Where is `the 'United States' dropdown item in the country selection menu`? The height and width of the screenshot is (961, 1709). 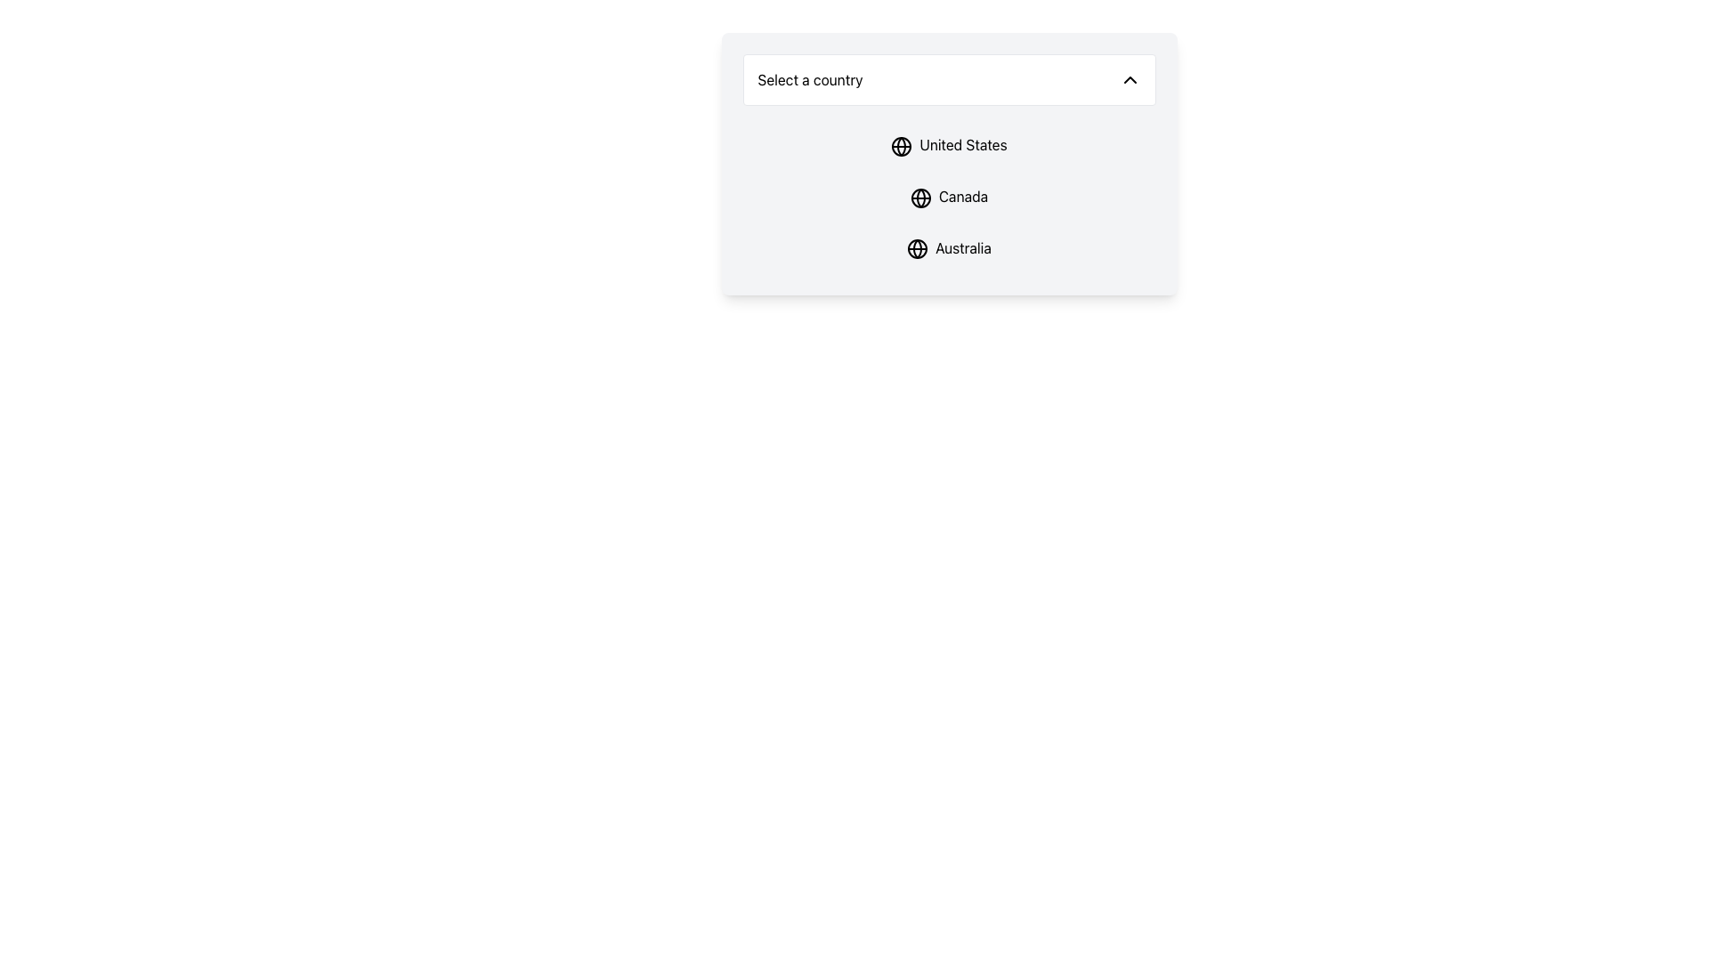
the 'United States' dropdown item in the country selection menu is located at coordinates (948, 144).